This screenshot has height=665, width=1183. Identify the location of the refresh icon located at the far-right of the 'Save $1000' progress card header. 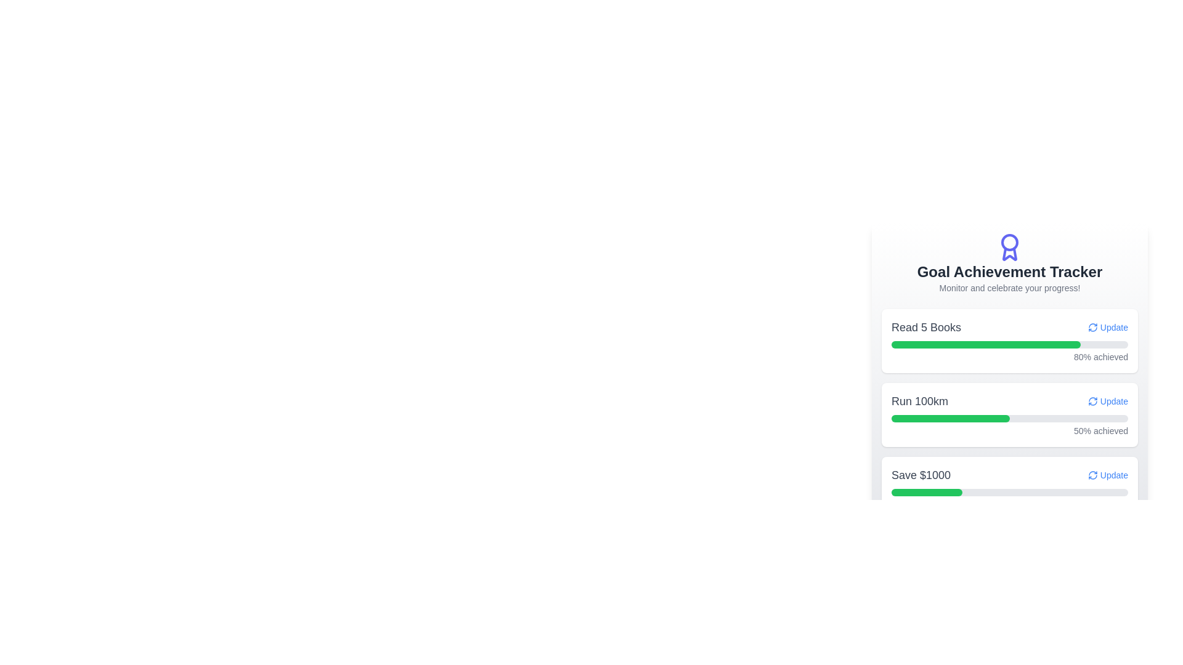
(1092, 474).